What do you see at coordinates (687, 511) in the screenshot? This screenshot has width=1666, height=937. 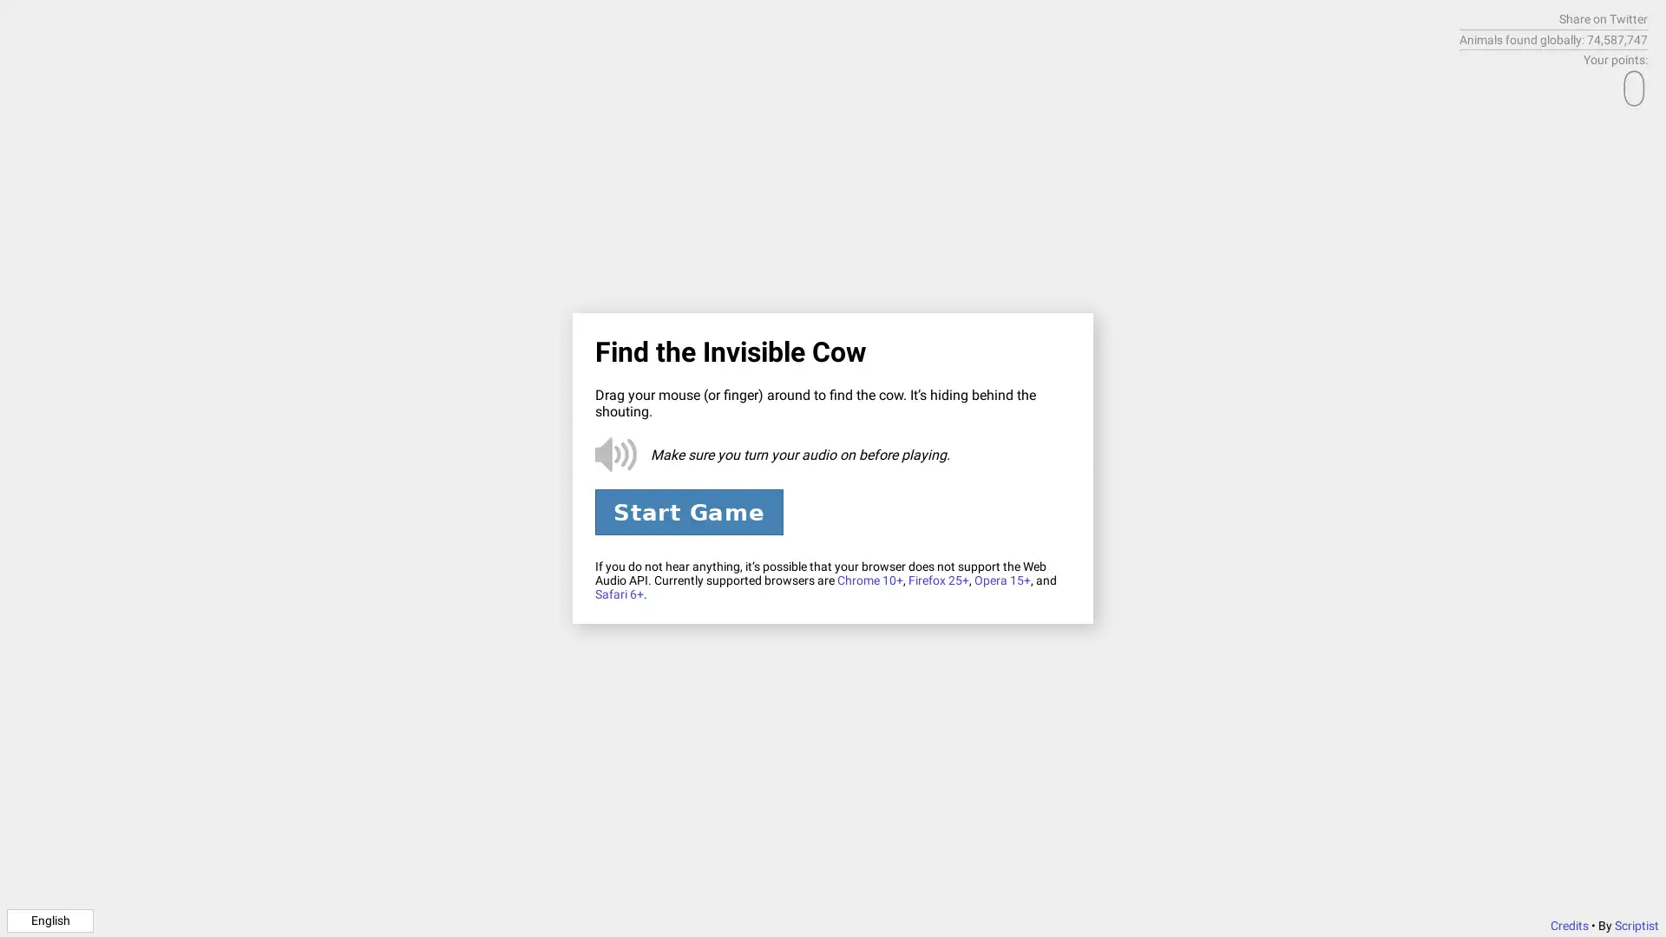 I see `Start Game` at bounding box center [687, 511].